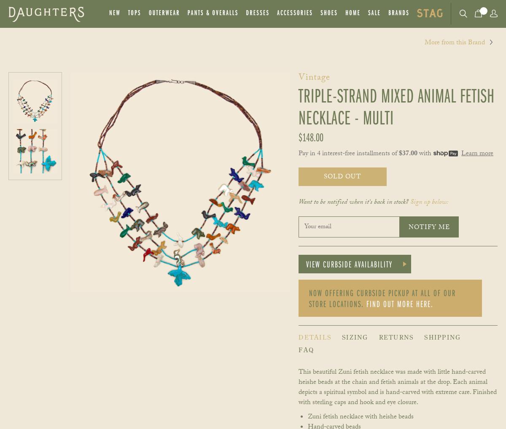 Image resolution: width=506 pixels, height=429 pixels. I want to click on 'Sign up below:', so click(429, 202).